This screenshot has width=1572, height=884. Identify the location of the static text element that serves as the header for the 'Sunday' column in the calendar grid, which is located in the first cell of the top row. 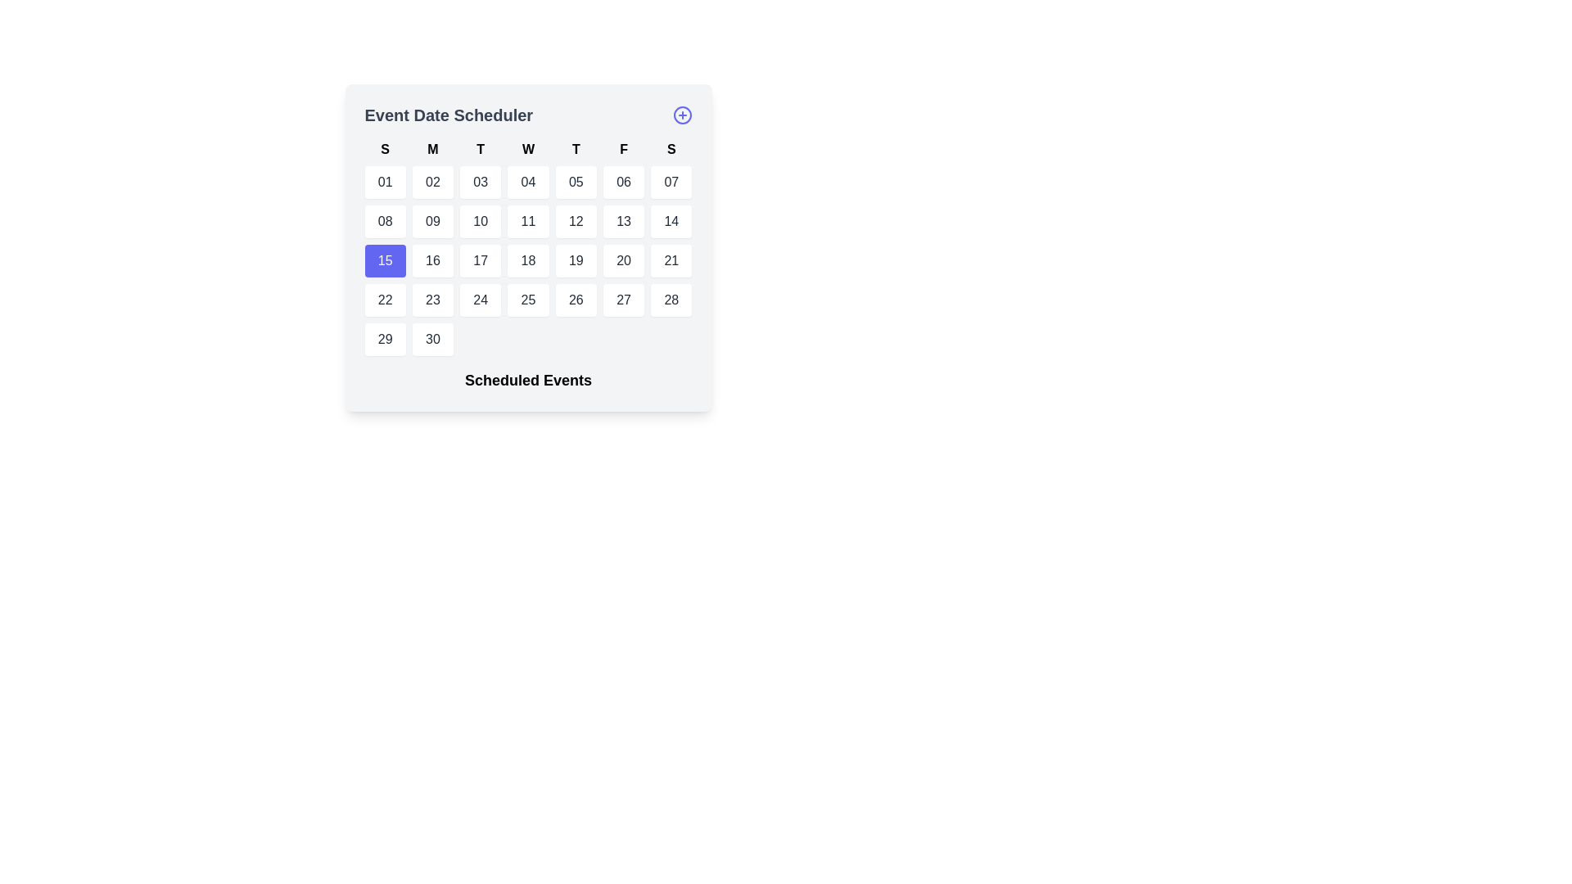
(384, 149).